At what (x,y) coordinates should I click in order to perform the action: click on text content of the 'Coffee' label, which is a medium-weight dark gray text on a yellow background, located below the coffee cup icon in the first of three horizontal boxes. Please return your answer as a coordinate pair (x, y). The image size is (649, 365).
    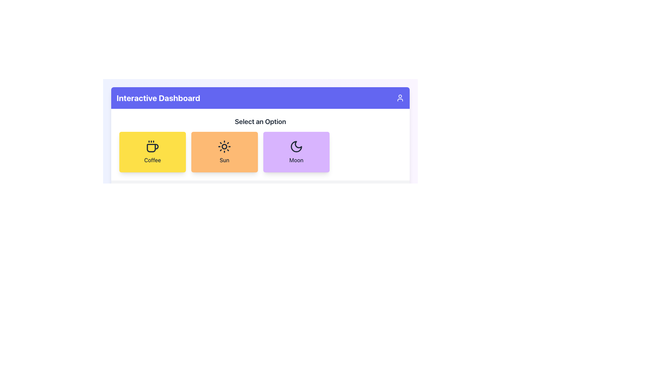
    Looking at the image, I should click on (152, 160).